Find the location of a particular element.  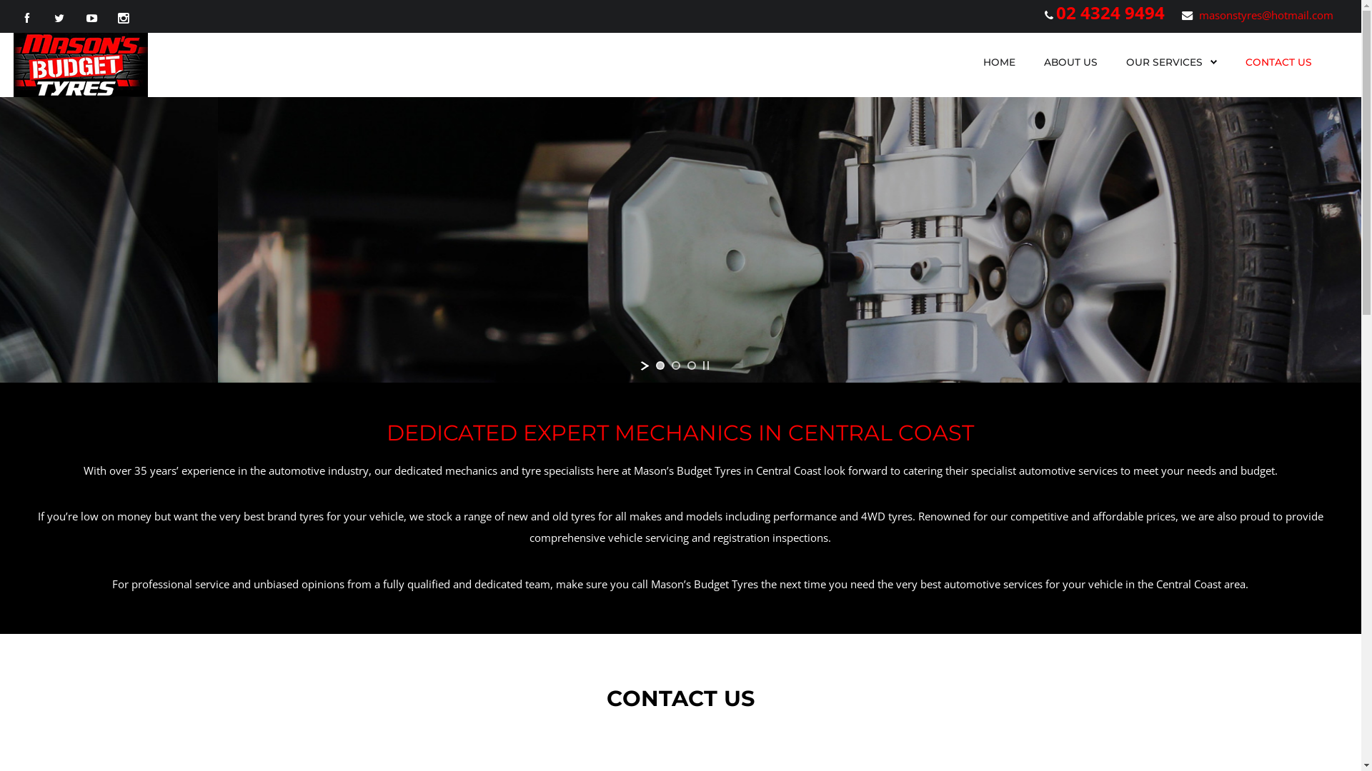

'ABOUT US' is located at coordinates (1070, 61).